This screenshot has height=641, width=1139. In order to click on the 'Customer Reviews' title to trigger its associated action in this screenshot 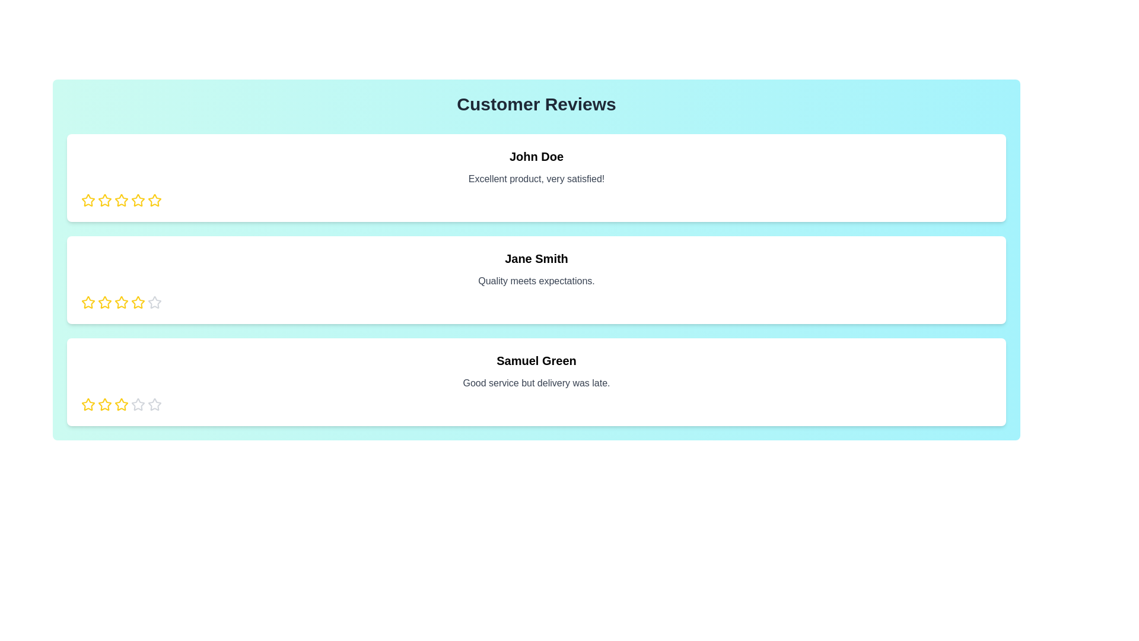, I will do `click(536, 104)`.